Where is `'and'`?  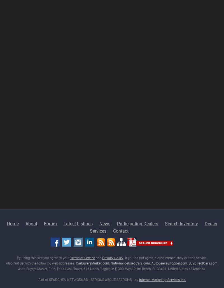
'and' is located at coordinates (98, 257).